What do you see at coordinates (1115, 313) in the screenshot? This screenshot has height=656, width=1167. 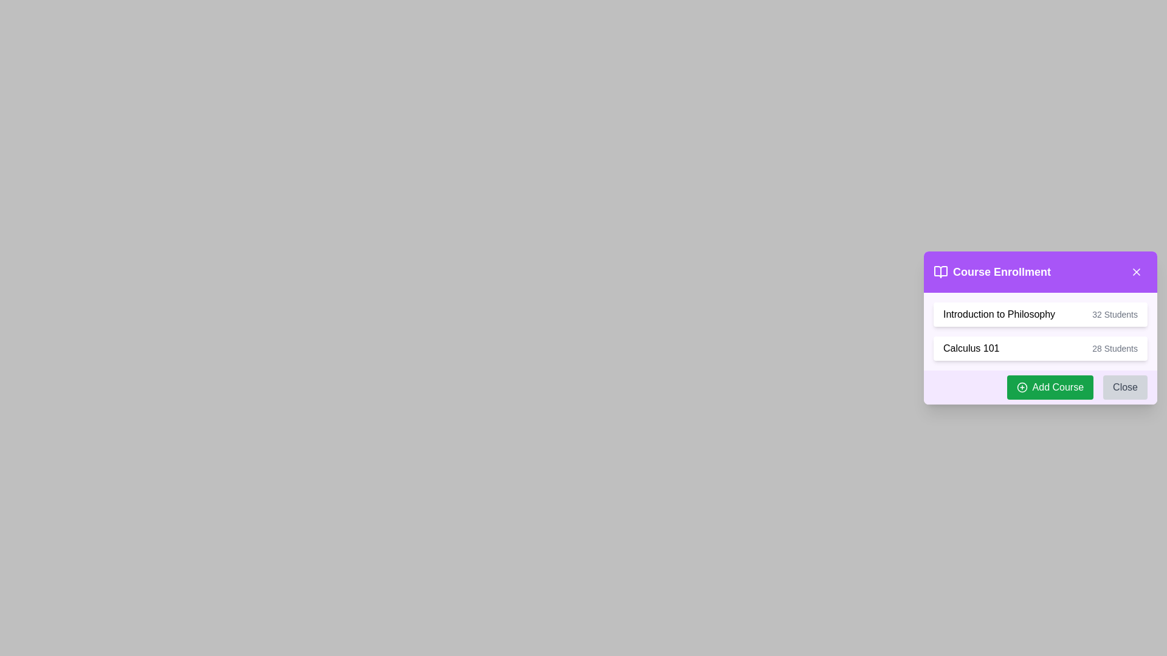 I see `the text display element showing '32 Students' located to the right of 'Introduction to Philosophy' in the Course Enrollment interface` at bounding box center [1115, 313].